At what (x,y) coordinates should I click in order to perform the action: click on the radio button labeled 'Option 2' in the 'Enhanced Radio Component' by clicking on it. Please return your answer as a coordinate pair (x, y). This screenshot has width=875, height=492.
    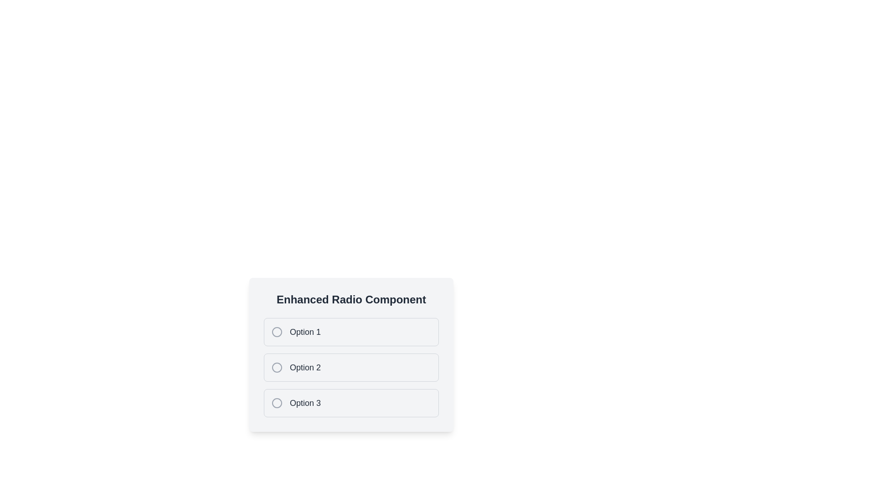
    Looking at the image, I should click on (351, 354).